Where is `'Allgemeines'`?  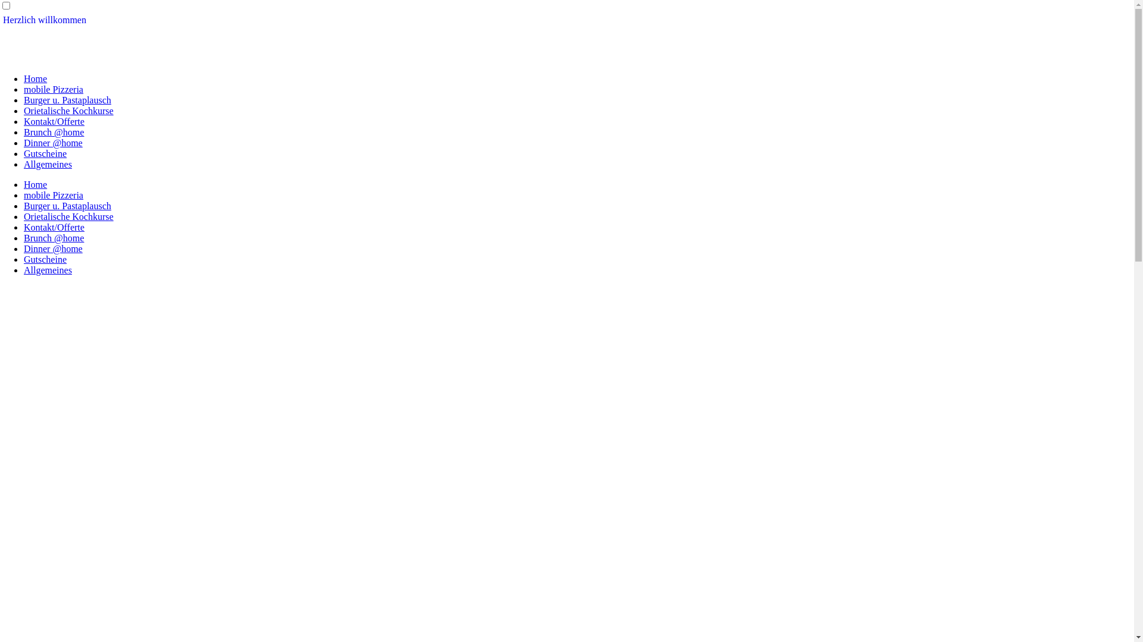
'Allgemeines' is located at coordinates (23, 270).